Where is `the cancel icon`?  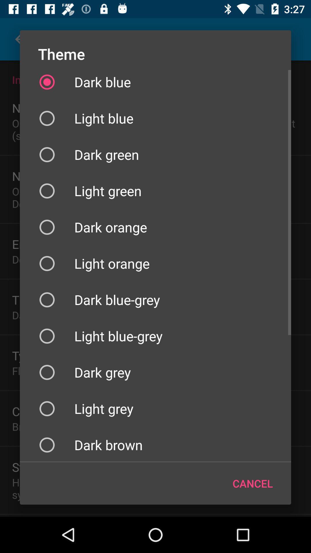 the cancel icon is located at coordinates (252, 483).